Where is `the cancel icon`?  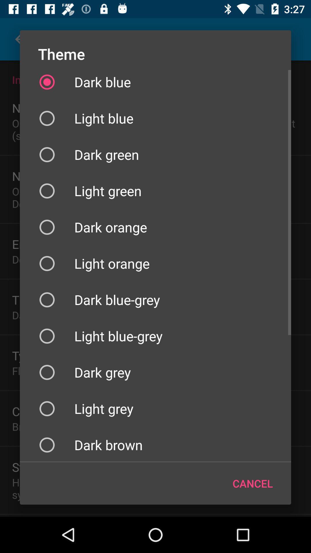 the cancel icon is located at coordinates (252, 483).